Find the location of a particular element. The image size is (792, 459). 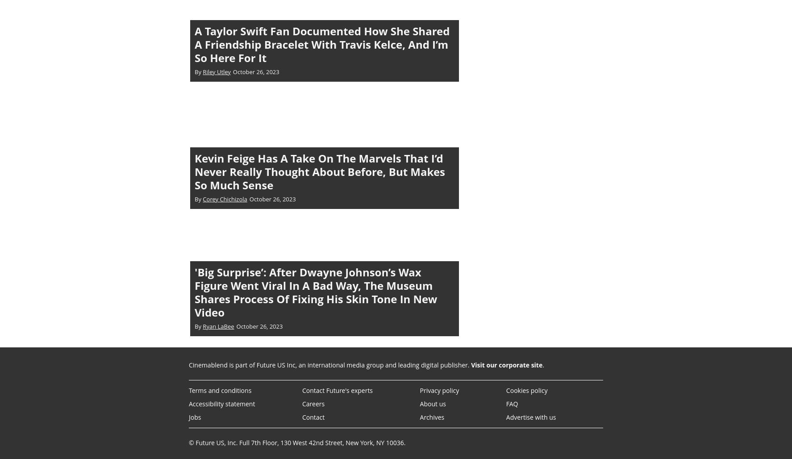

'Kevin Feige Has A Take On The Marvels That I’d Never Really Thought About Before, But Makes So Much Sense' is located at coordinates (319, 171).